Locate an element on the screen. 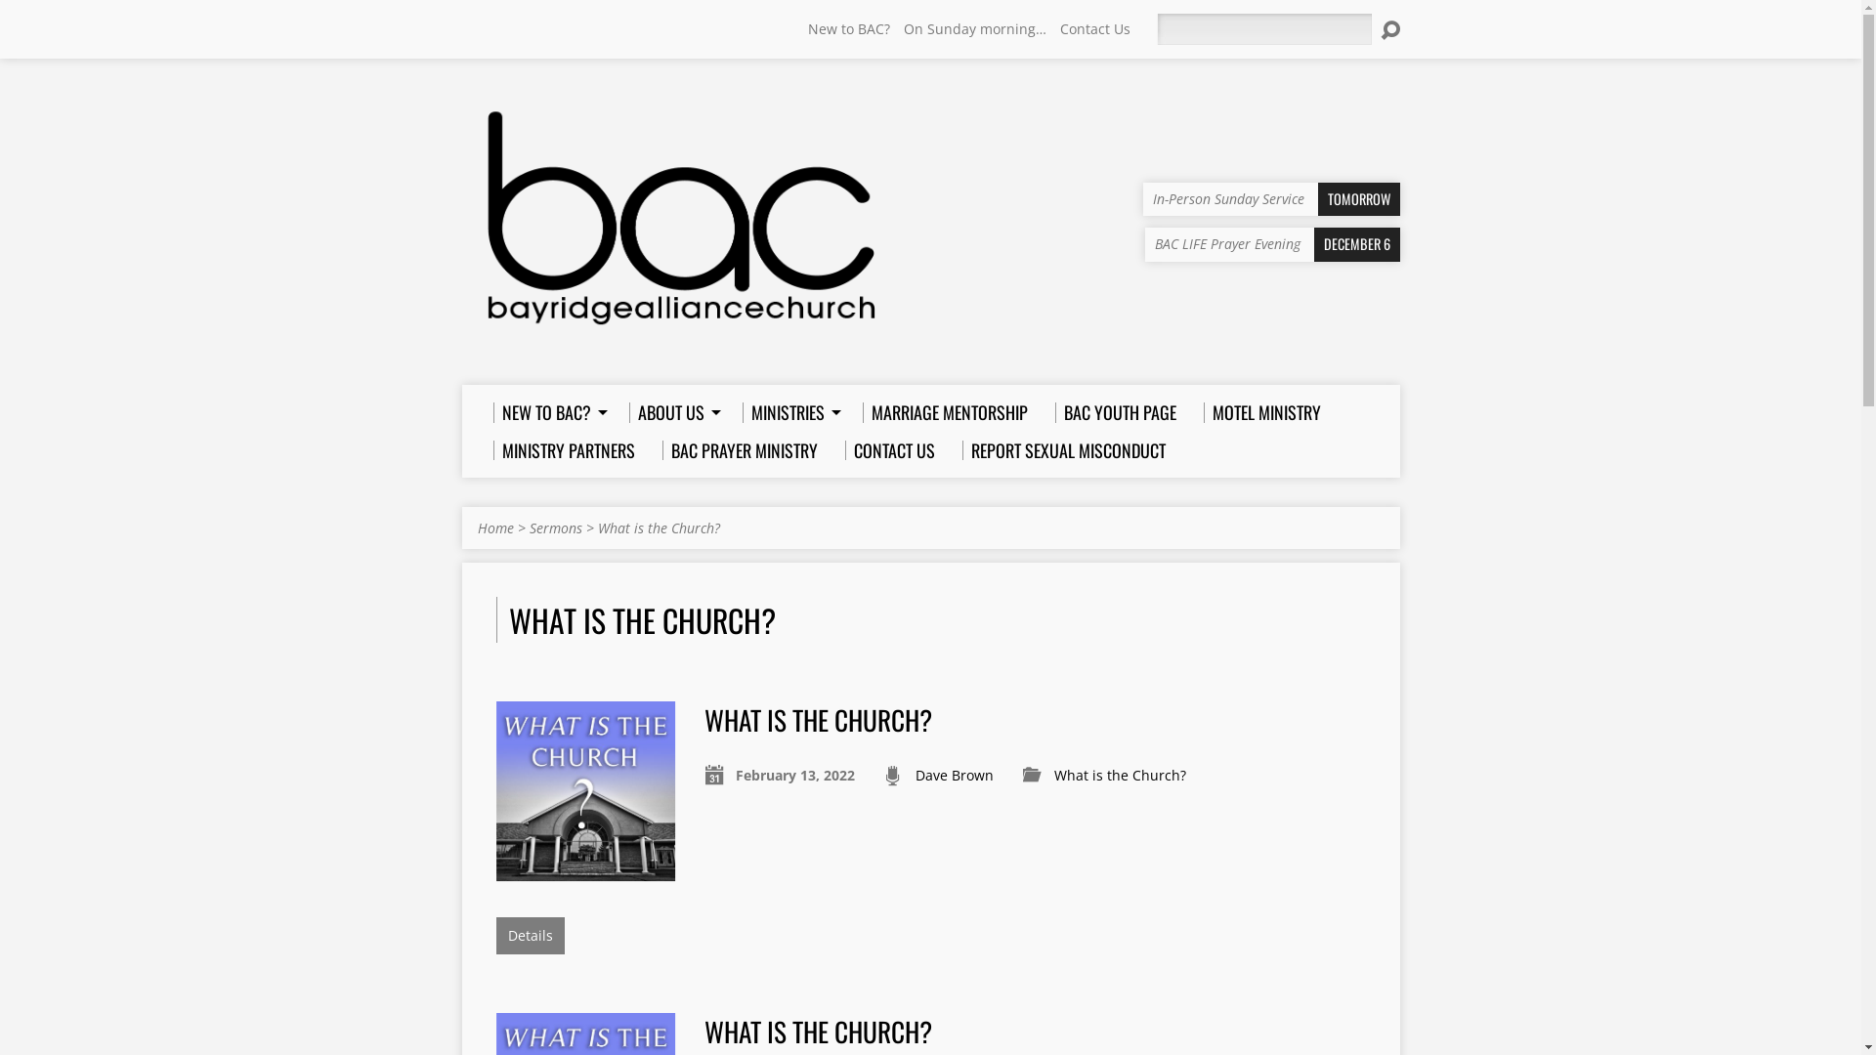 This screenshot has width=1876, height=1055. 'What is the Church?' is located at coordinates (1120, 774).